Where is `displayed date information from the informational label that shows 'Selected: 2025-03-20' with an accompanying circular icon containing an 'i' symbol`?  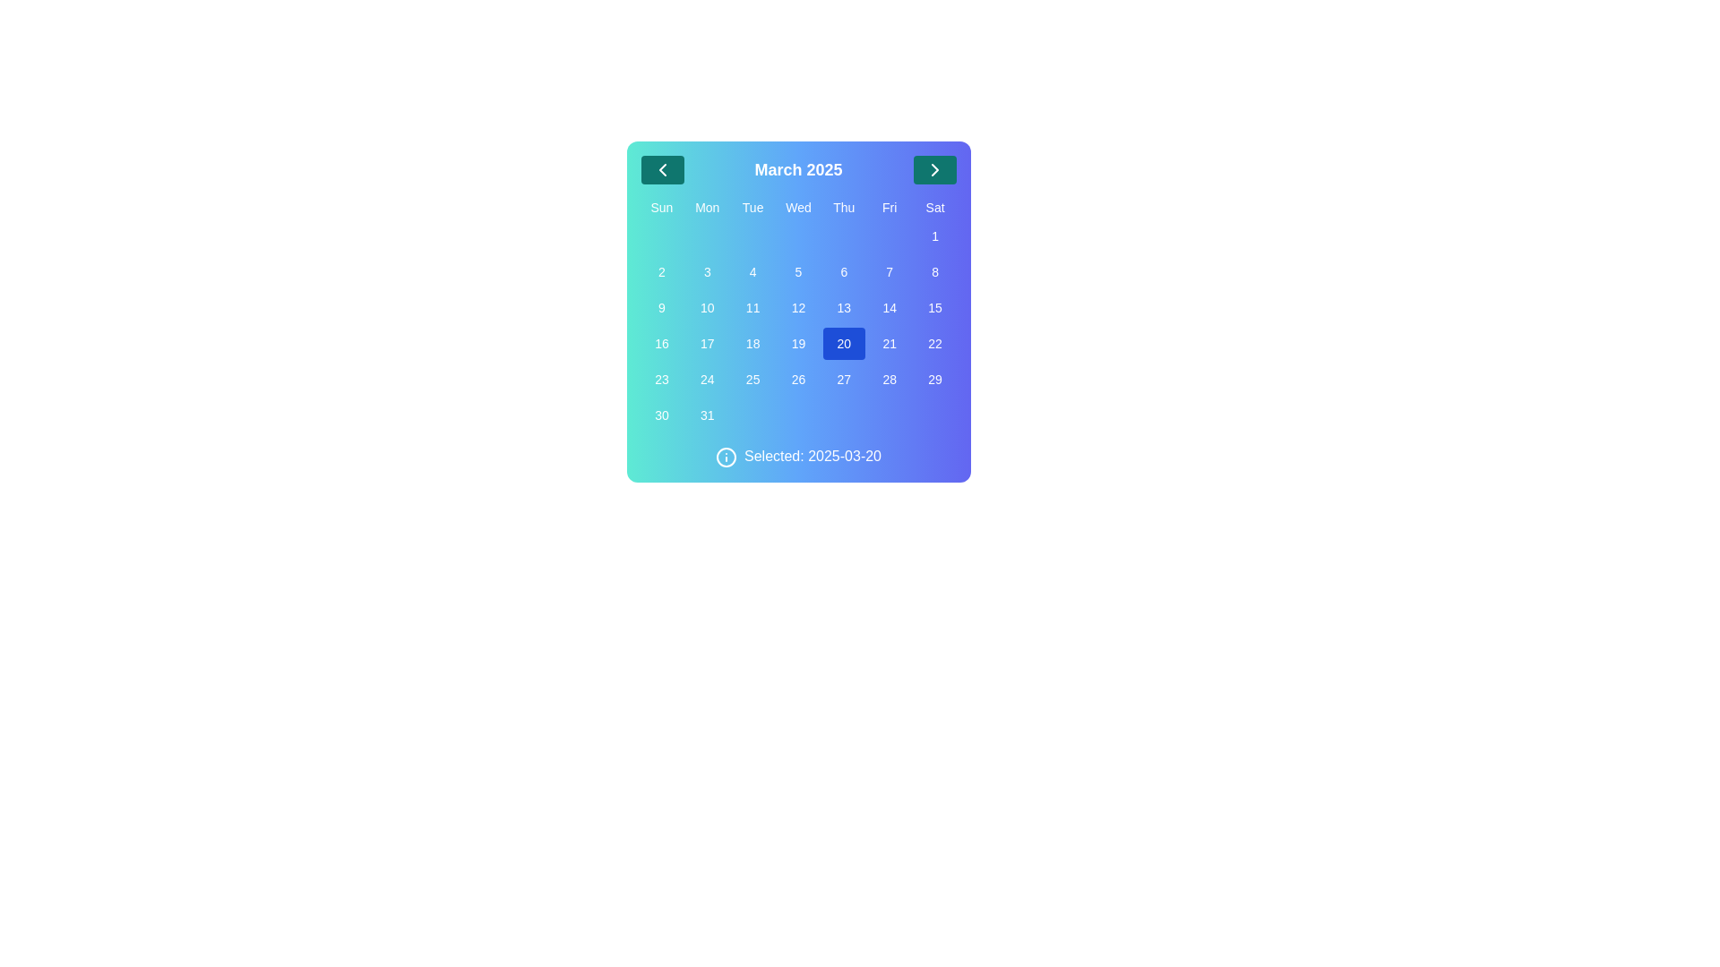
displayed date information from the informational label that shows 'Selected: 2025-03-20' with an accompanying circular icon containing an 'i' symbol is located at coordinates (797, 456).